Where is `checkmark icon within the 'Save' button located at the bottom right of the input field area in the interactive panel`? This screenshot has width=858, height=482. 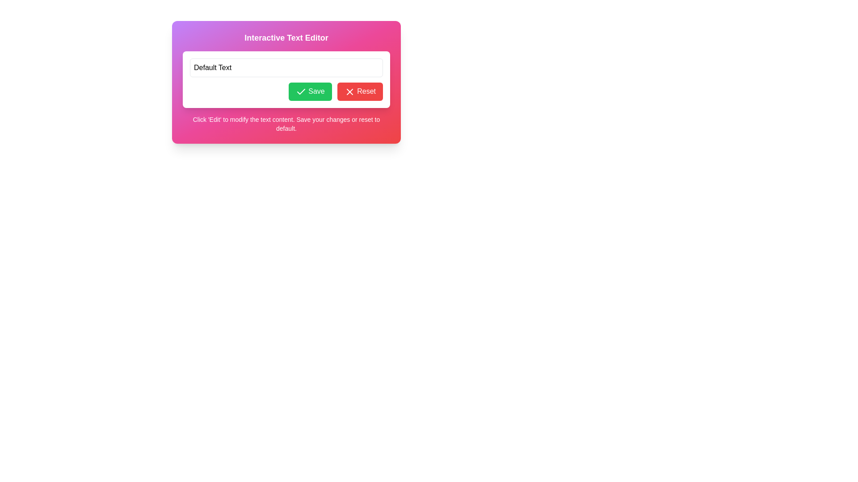 checkmark icon within the 'Save' button located at the bottom right of the input field area in the interactive panel is located at coordinates (301, 91).